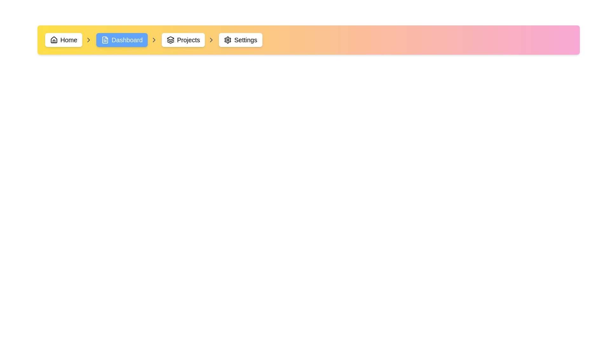 This screenshot has height=343, width=610. I want to click on the Chevron or arrow icon located at the upper central part of the interface header, between the 'Dashboard' and 'Projects' buttons, to understand its navigational context, so click(88, 40).